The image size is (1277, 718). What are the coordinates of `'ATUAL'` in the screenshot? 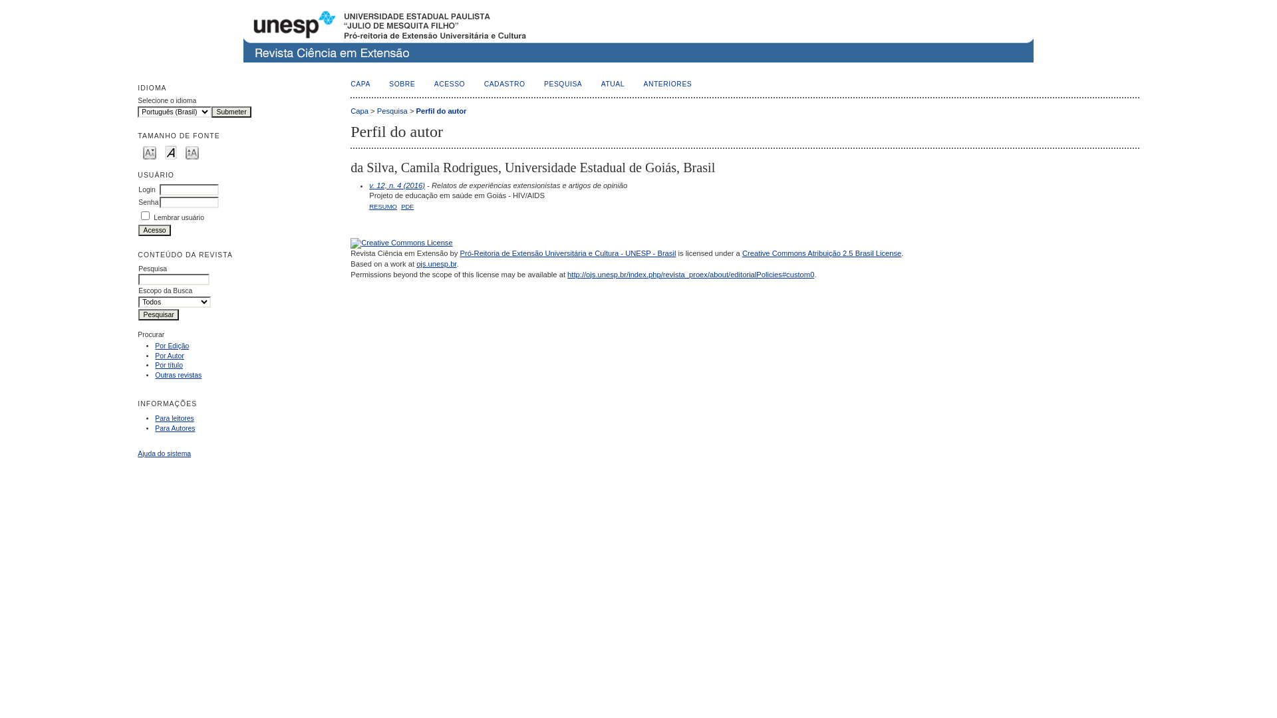 It's located at (612, 84).